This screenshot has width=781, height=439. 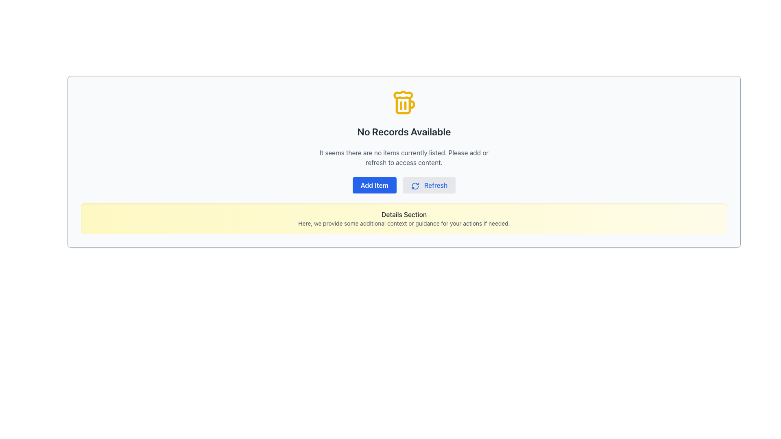 What do you see at coordinates (429, 185) in the screenshot?
I see `the 'Refresh' button with a light gray background and blue text` at bounding box center [429, 185].